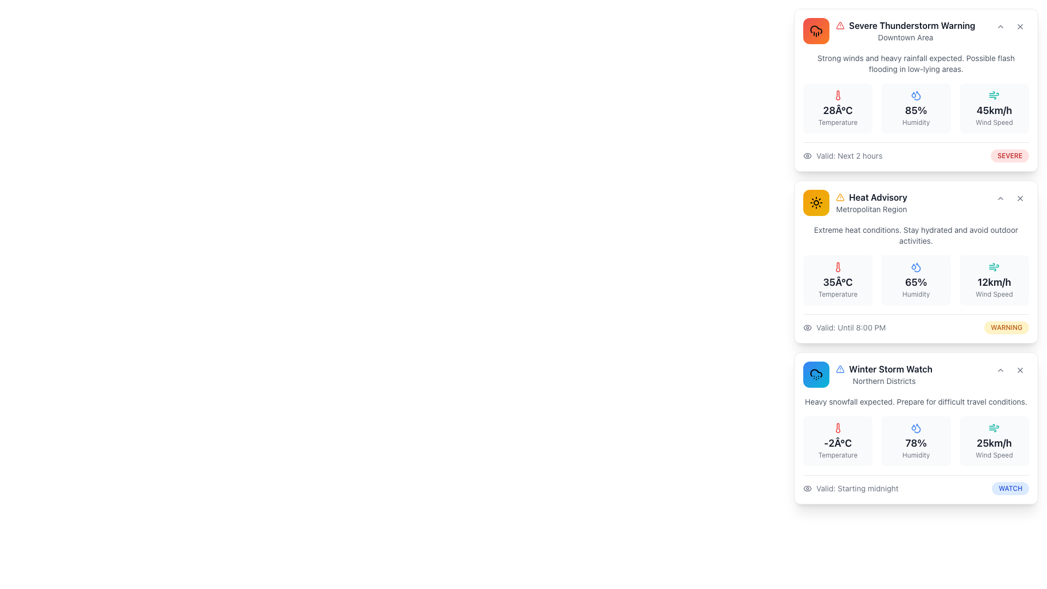 This screenshot has height=589, width=1047. I want to click on prominently styled text label that says 'Severe Thunderstorm Warning', which is the bold title within the first alert card on the page, so click(912, 25).